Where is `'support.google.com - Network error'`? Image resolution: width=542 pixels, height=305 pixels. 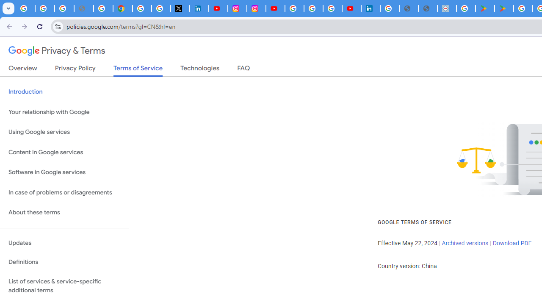
'support.google.com - Network error' is located at coordinates (84, 8).